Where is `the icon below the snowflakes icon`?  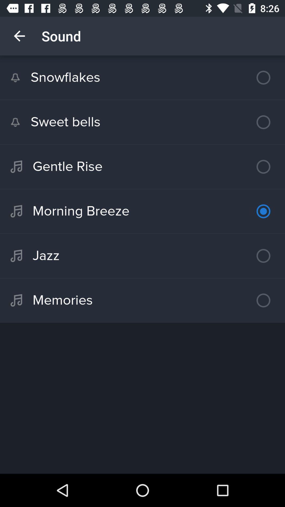 the icon below the snowflakes icon is located at coordinates (142, 122).